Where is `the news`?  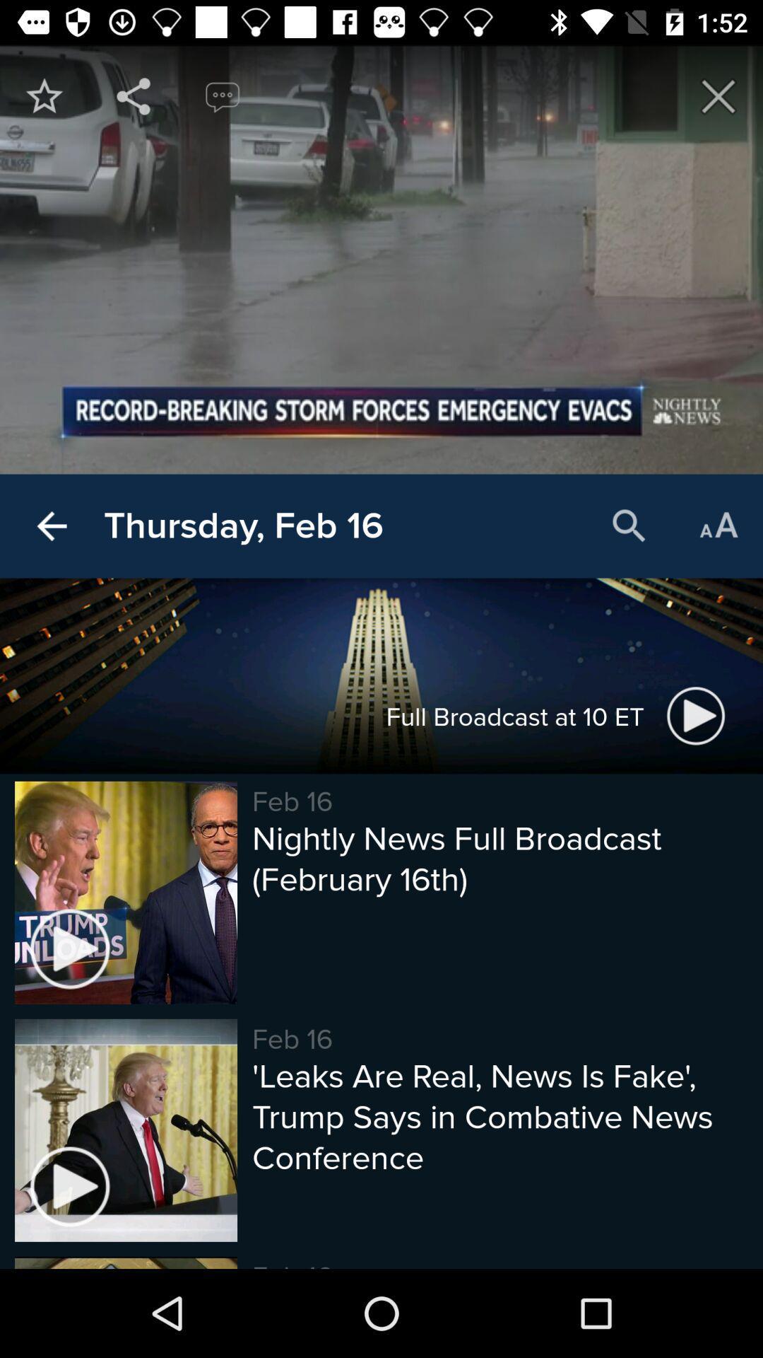
the news is located at coordinates (718, 95).